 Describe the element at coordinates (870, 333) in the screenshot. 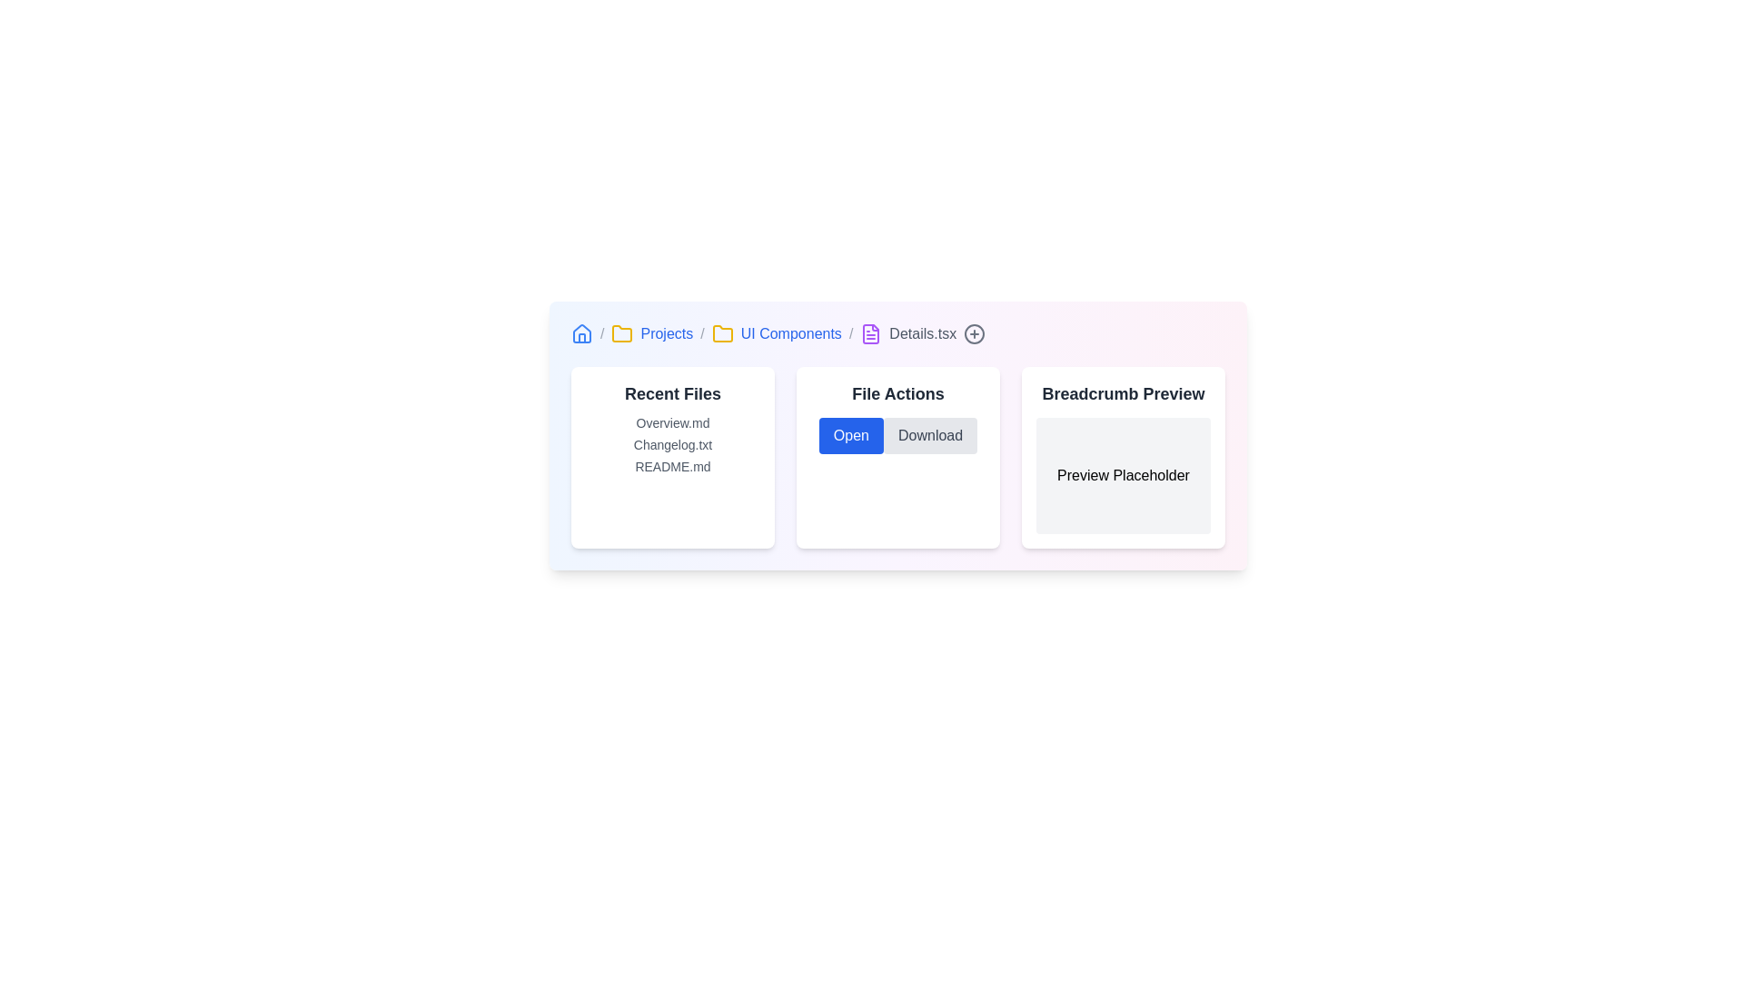

I see `the purple file icon that appears to the right of the breadcrumb navigation bar, directly preceding the text 'Details.tsx'` at that location.